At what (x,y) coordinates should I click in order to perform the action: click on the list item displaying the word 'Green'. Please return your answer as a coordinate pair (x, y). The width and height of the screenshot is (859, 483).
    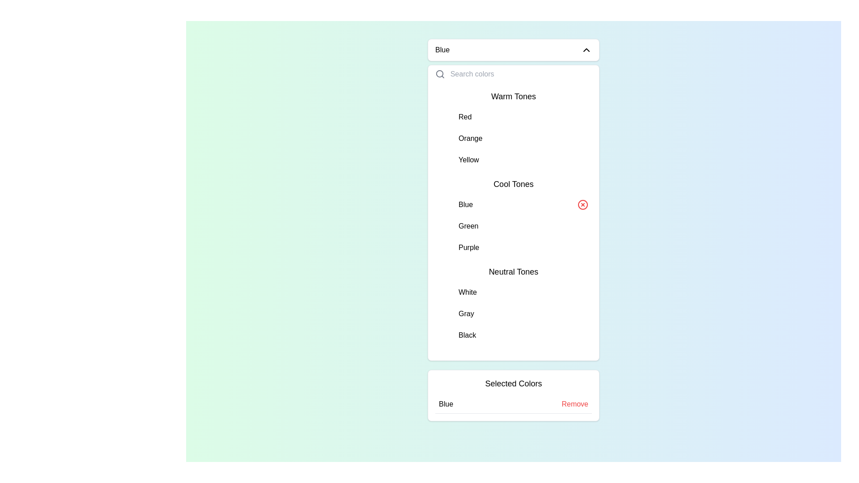
    Looking at the image, I should click on (513, 225).